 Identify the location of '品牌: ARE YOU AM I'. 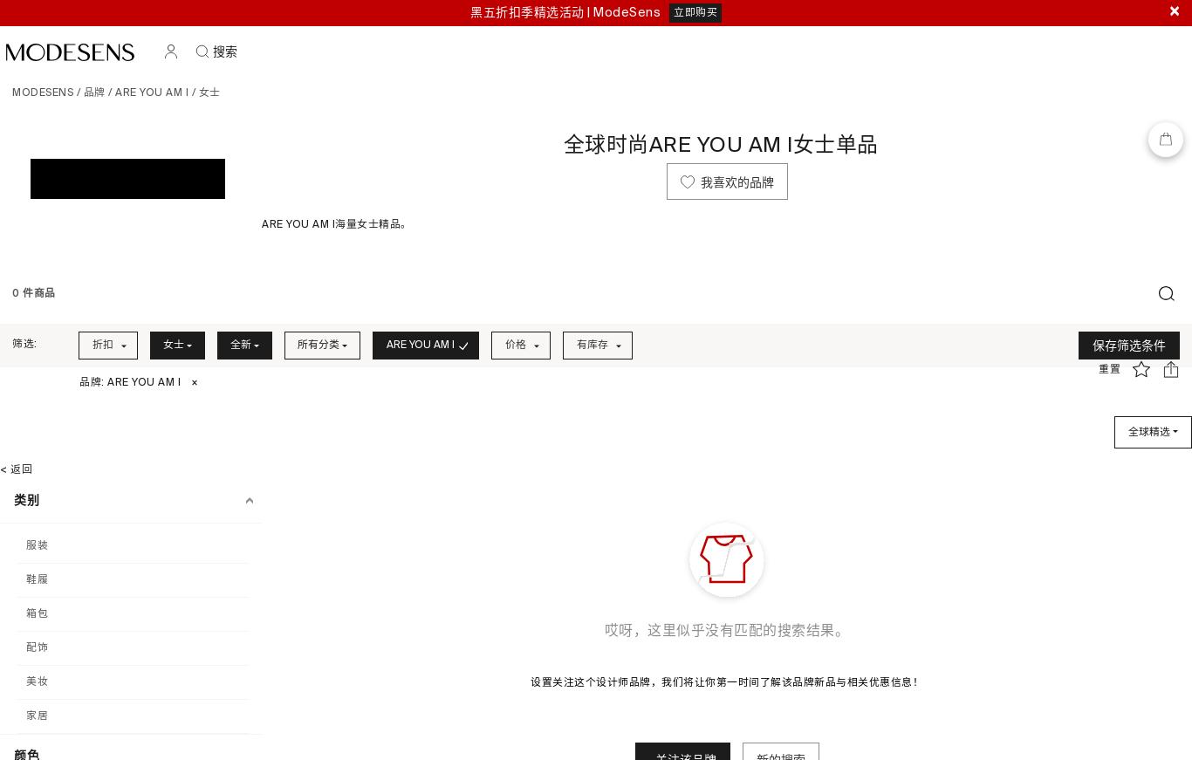
(129, 382).